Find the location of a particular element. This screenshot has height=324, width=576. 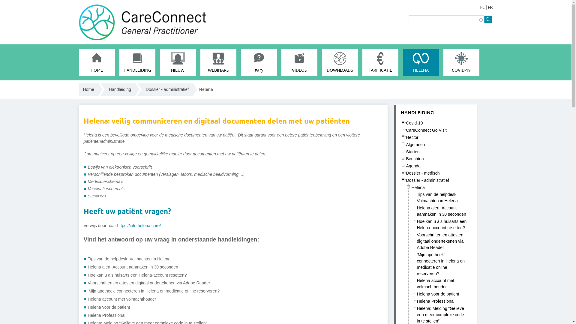

' ' is located at coordinates (403, 122).